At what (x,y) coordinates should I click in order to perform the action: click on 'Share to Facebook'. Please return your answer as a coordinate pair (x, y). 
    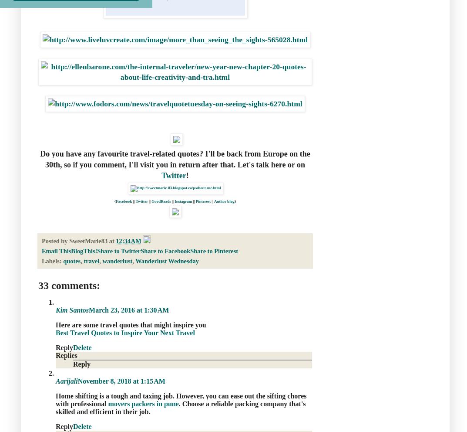
    Looking at the image, I should click on (165, 250).